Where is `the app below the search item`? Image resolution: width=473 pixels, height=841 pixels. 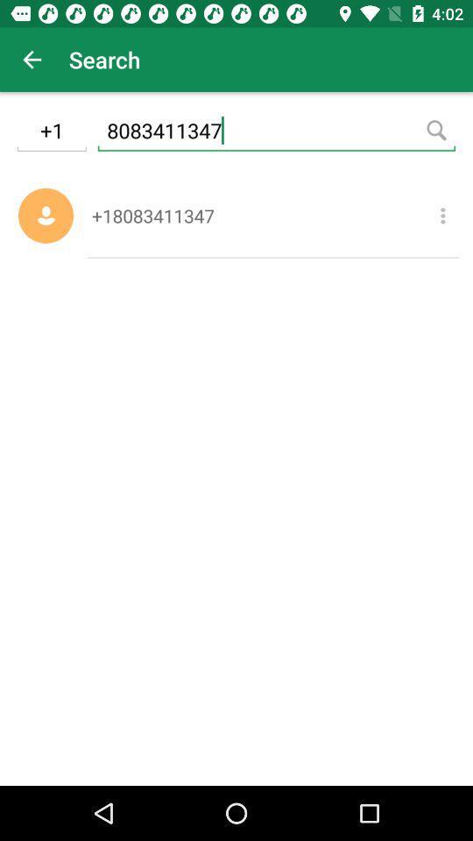 the app below the search item is located at coordinates (276, 132).